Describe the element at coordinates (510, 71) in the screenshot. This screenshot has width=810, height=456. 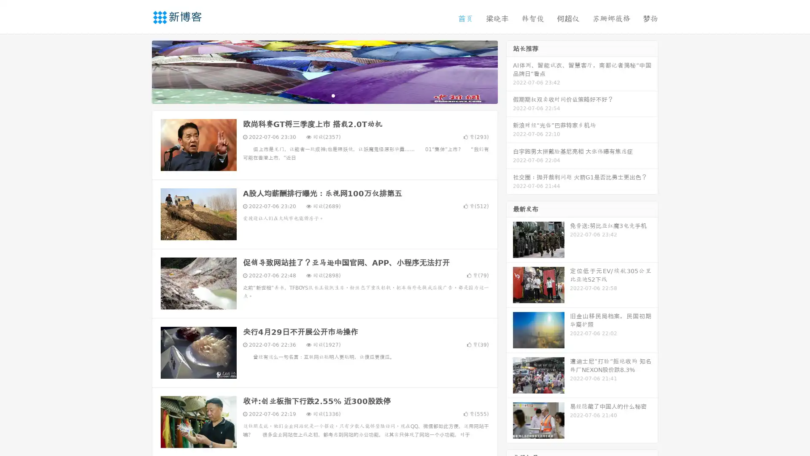
I see `Next slide` at that location.